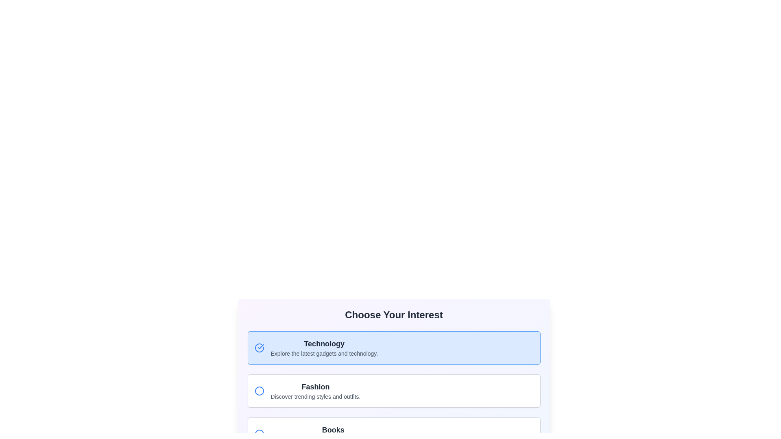  What do you see at coordinates (259, 434) in the screenshot?
I see `the radio button labeled 'Books'` at bounding box center [259, 434].